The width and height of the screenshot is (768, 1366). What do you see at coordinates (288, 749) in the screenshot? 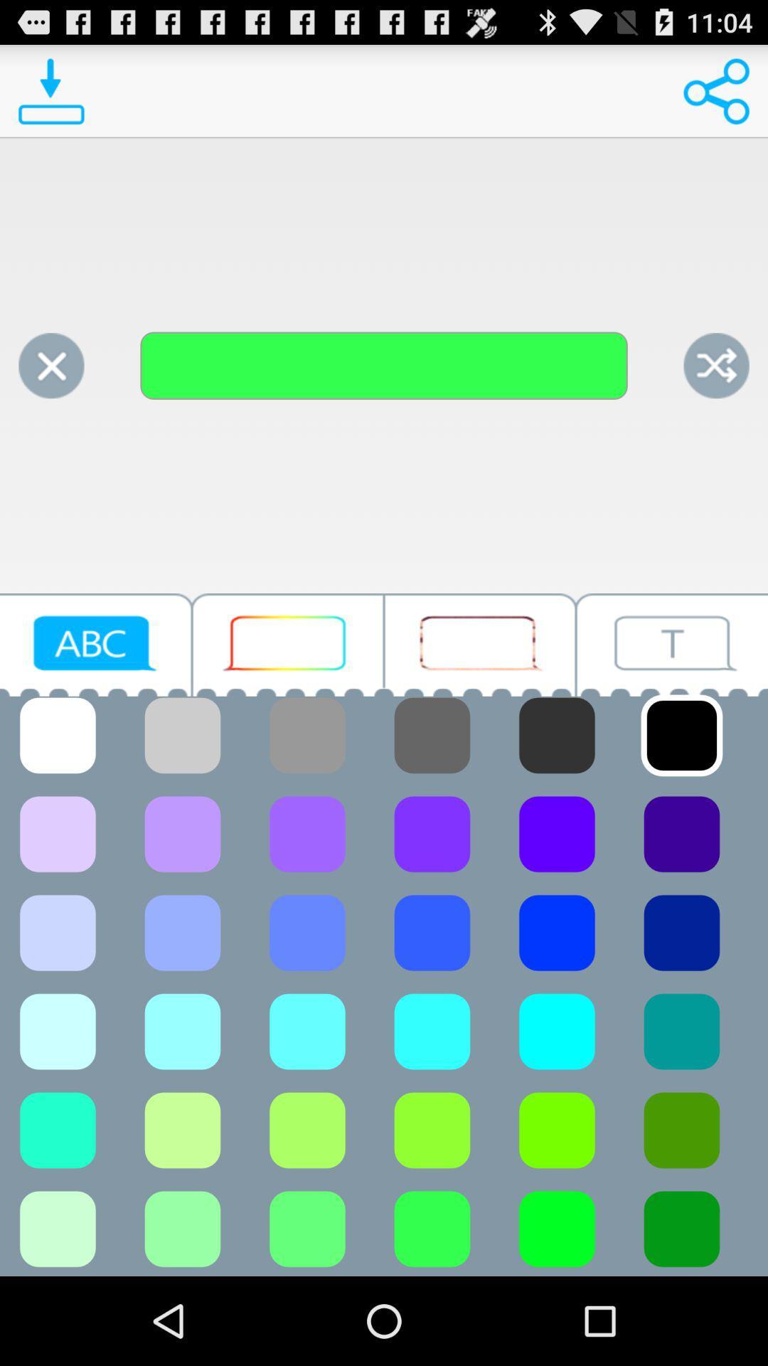
I see `the more icon` at bounding box center [288, 749].